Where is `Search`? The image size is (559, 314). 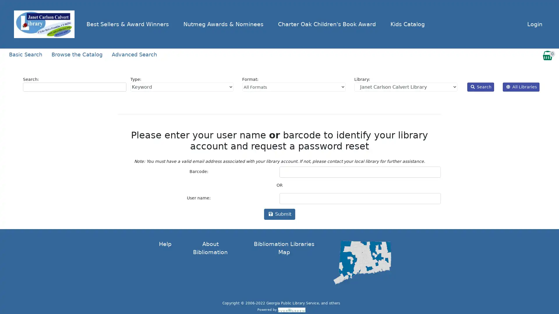
Search is located at coordinates (481, 87).